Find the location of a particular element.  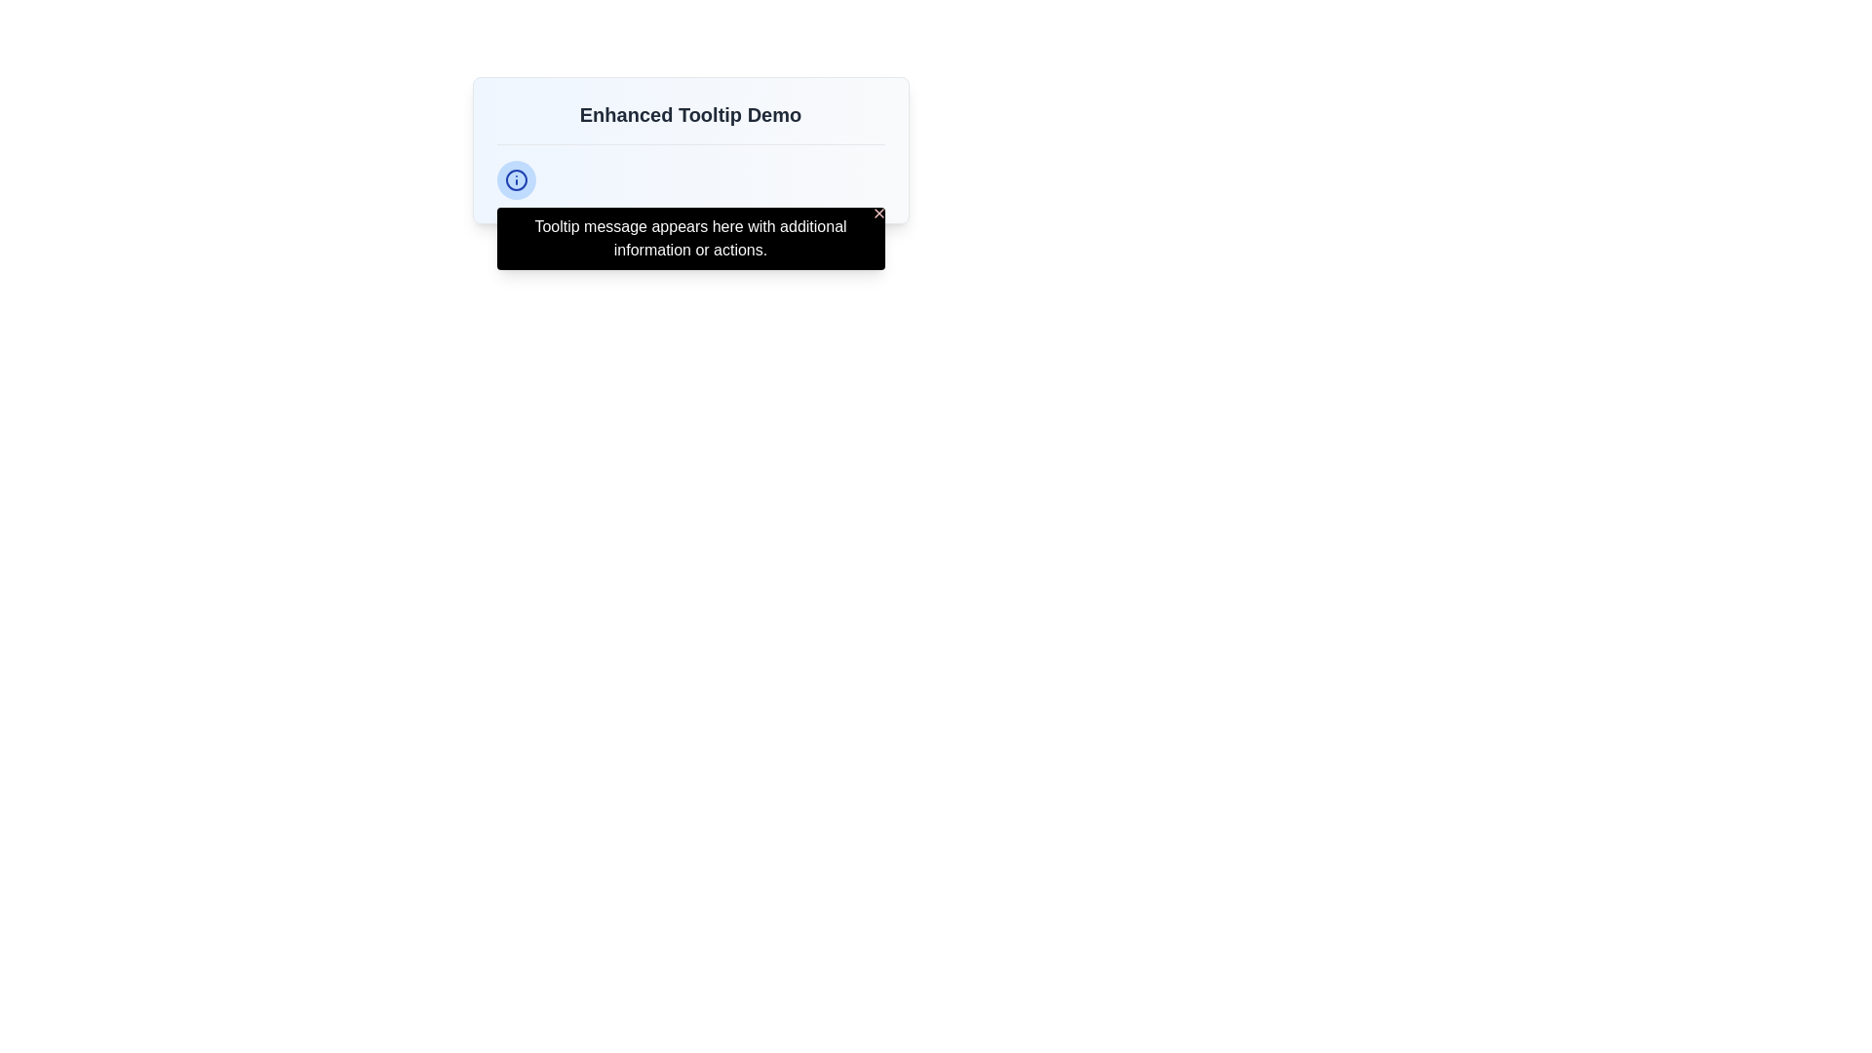

the Tooltip displaying the message 'Tooltip message appears here with additional information or actions.' which has a black background and white text, located centrally below the blue circular information icon is located at coordinates (690, 238).